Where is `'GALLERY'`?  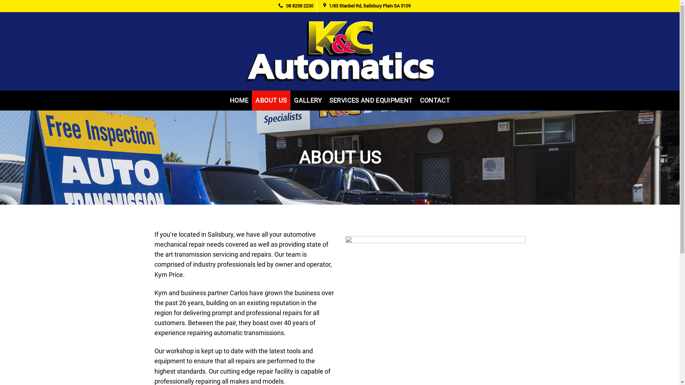
'GALLERY' is located at coordinates (308, 100).